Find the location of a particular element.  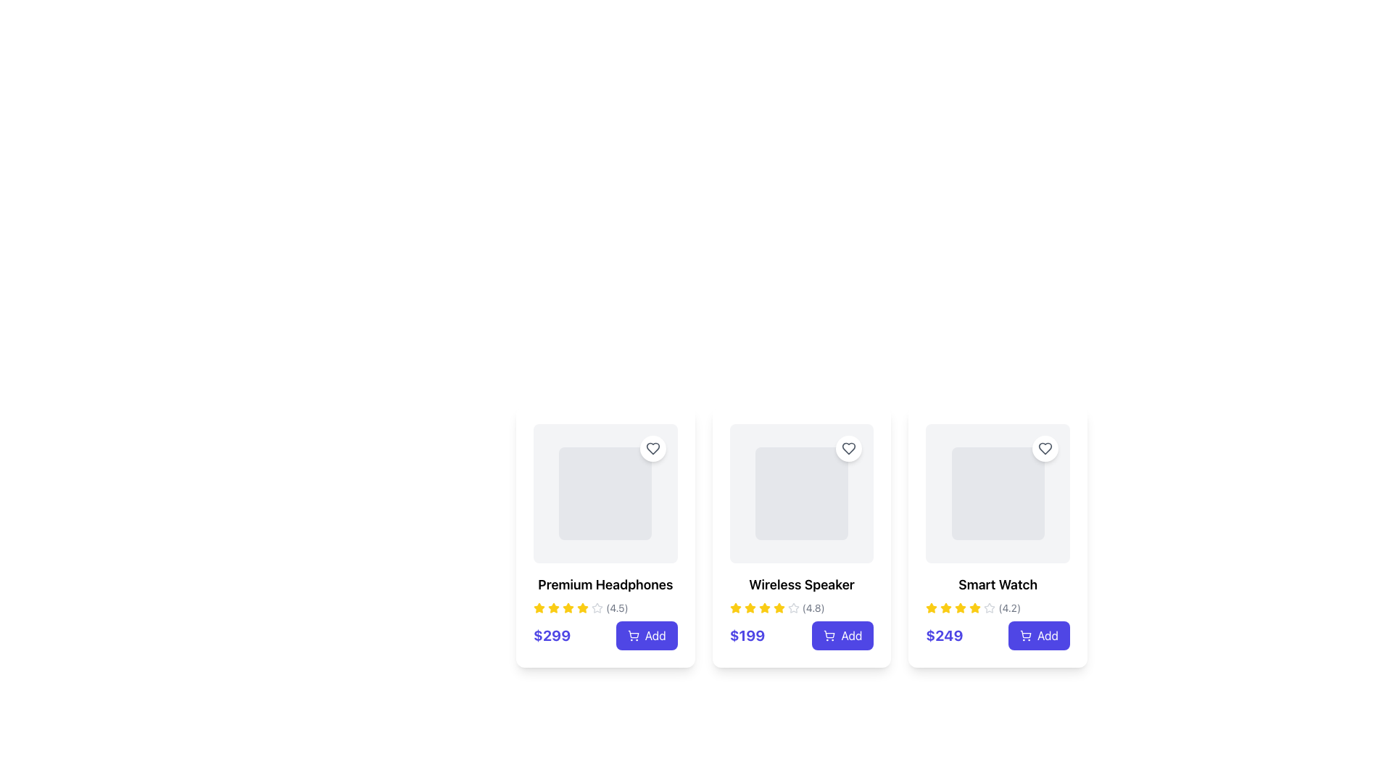

the third star icon in the rating section of the 'Smart Watch' product card, styled in light gray and shaped as a five-pointed star is located at coordinates (989, 608).